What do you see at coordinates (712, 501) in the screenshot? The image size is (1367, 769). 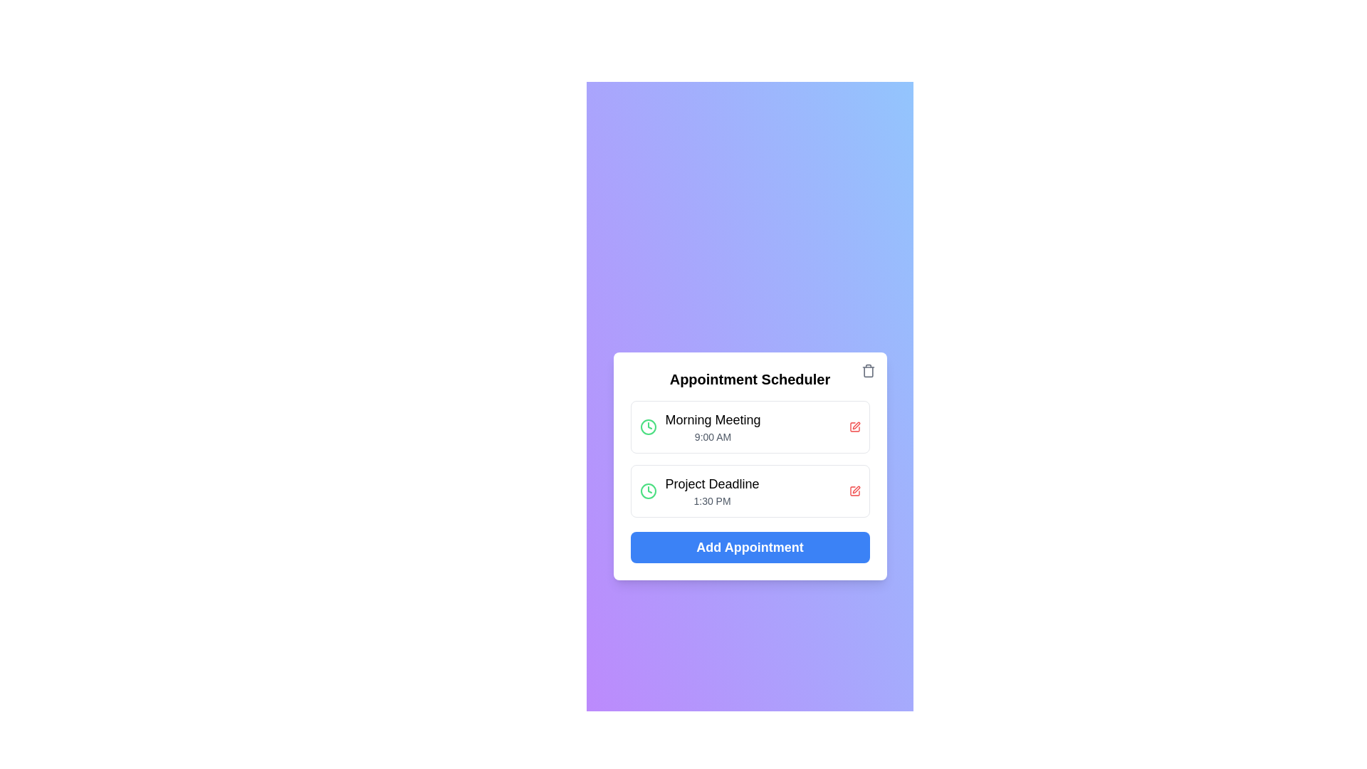 I see `the text label displaying '1:30 PM'` at bounding box center [712, 501].